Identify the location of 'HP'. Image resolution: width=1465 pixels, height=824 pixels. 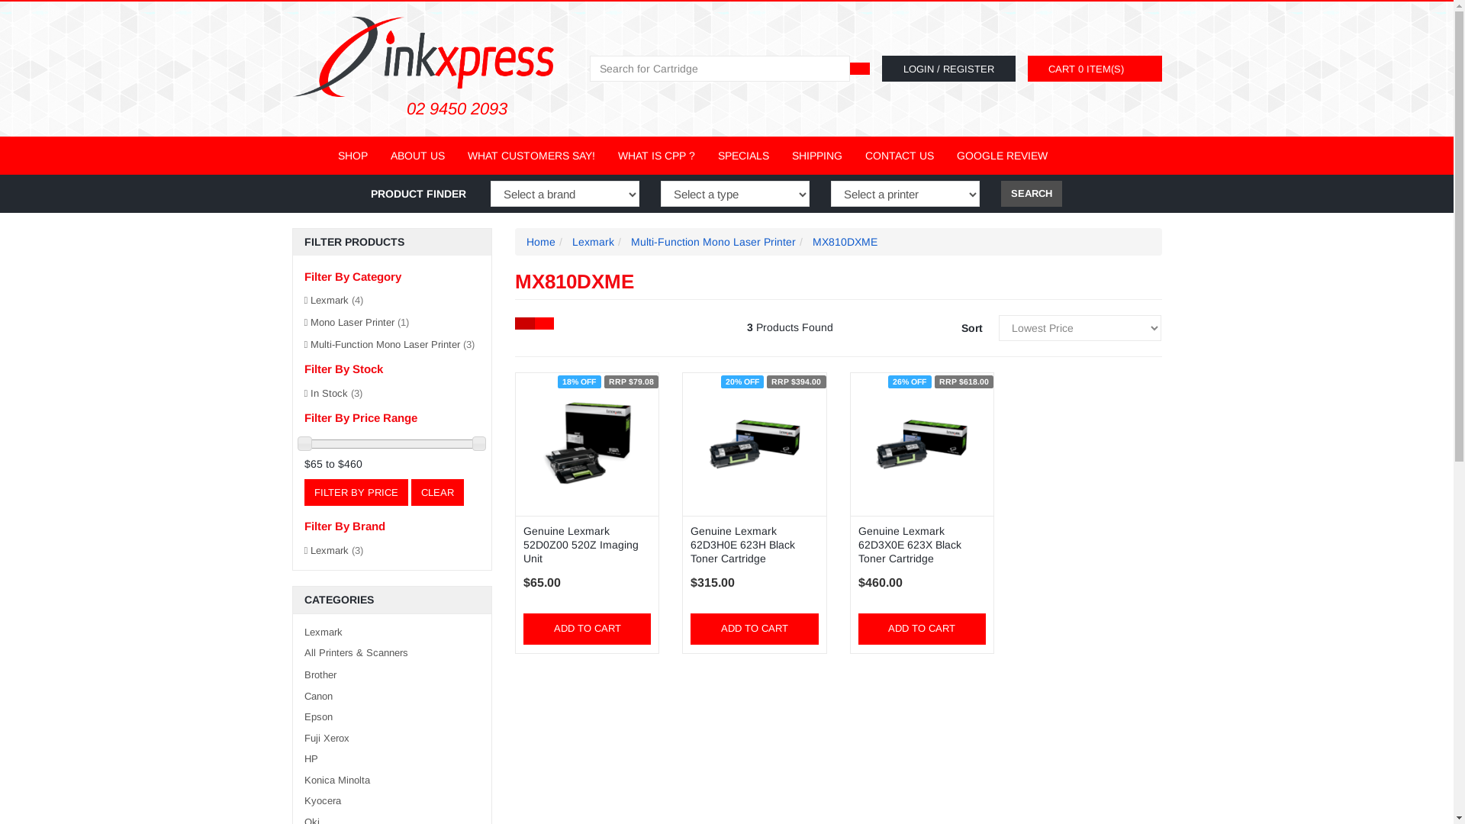
(293, 759).